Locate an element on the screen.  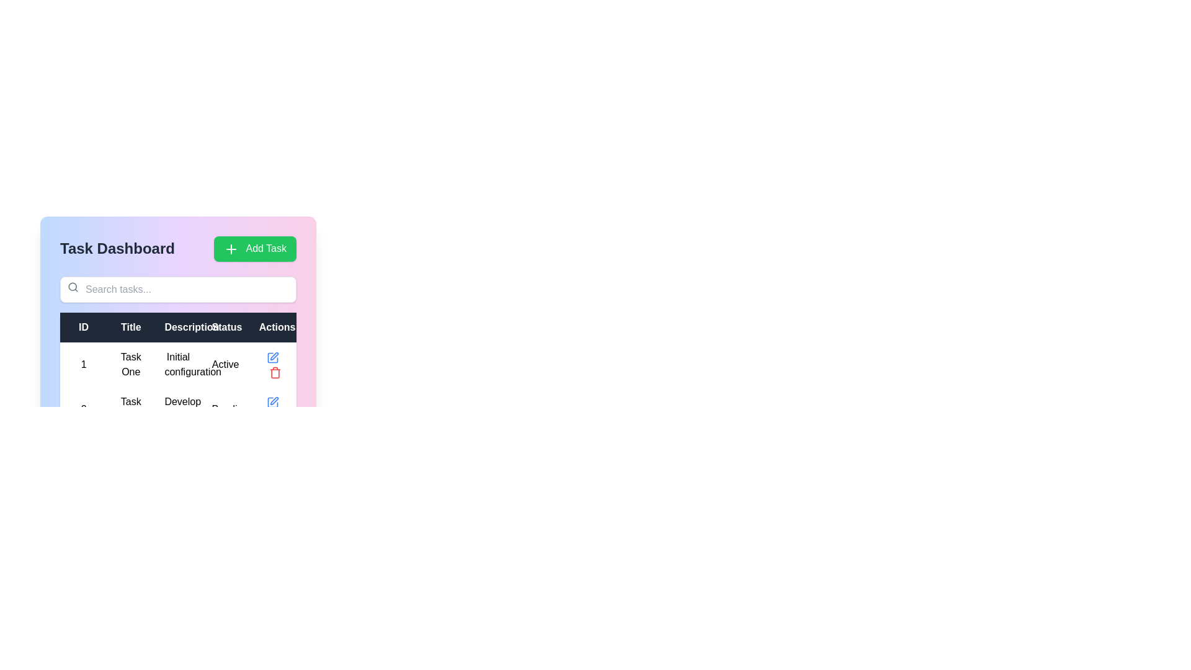
text from the 'Description' label, which is styled with padding on a dark background and is part of the table header row, positioned between 'Title' and 'Status' columns is located at coordinates (177, 326).